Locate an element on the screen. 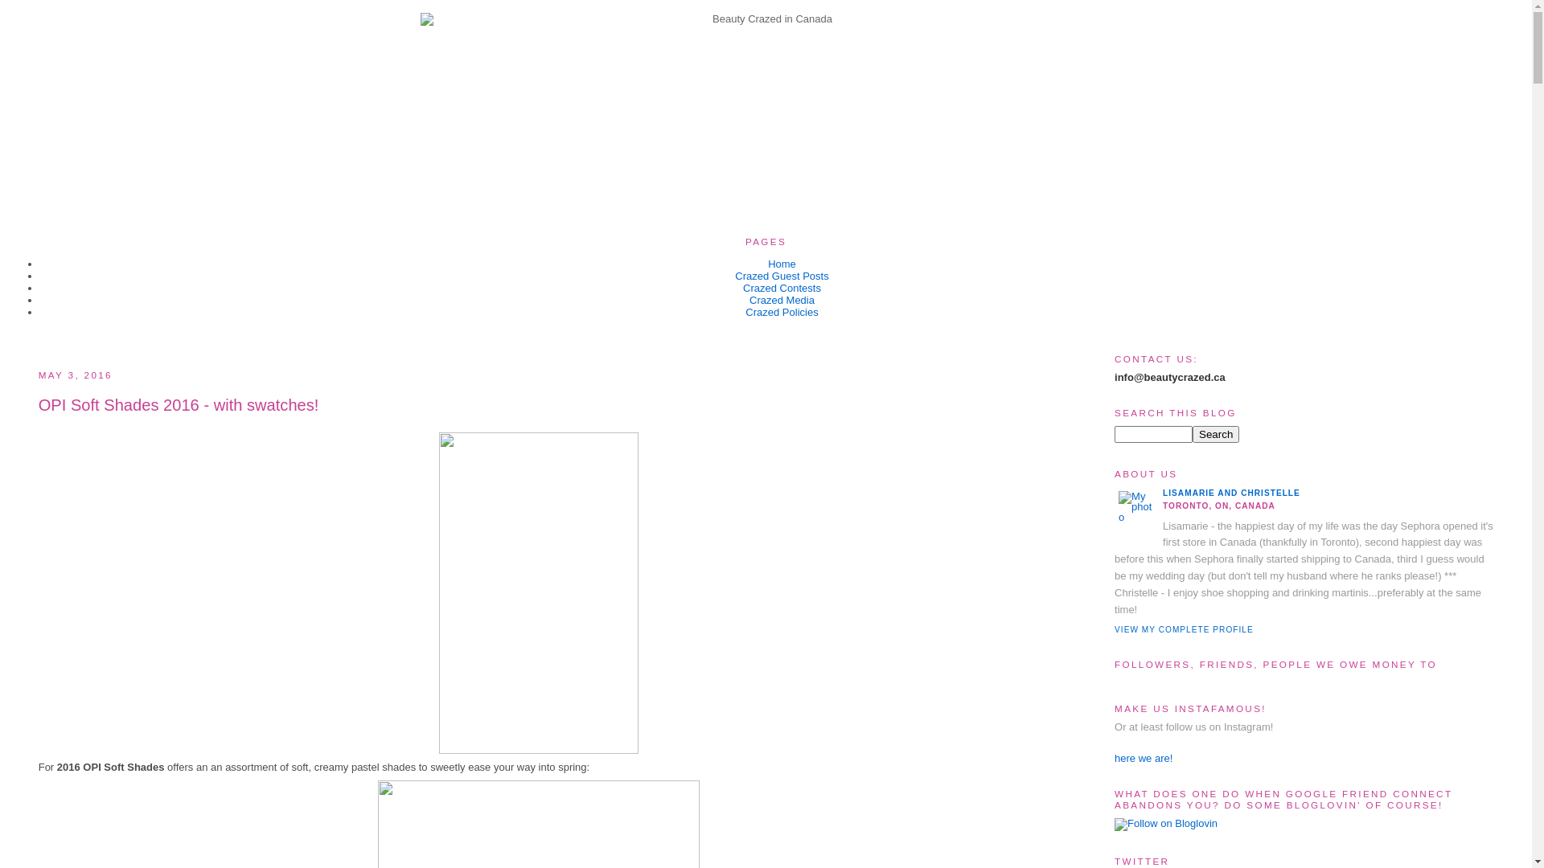 Image resolution: width=1544 pixels, height=868 pixels. 'Crazed Contests' is located at coordinates (782, 287).